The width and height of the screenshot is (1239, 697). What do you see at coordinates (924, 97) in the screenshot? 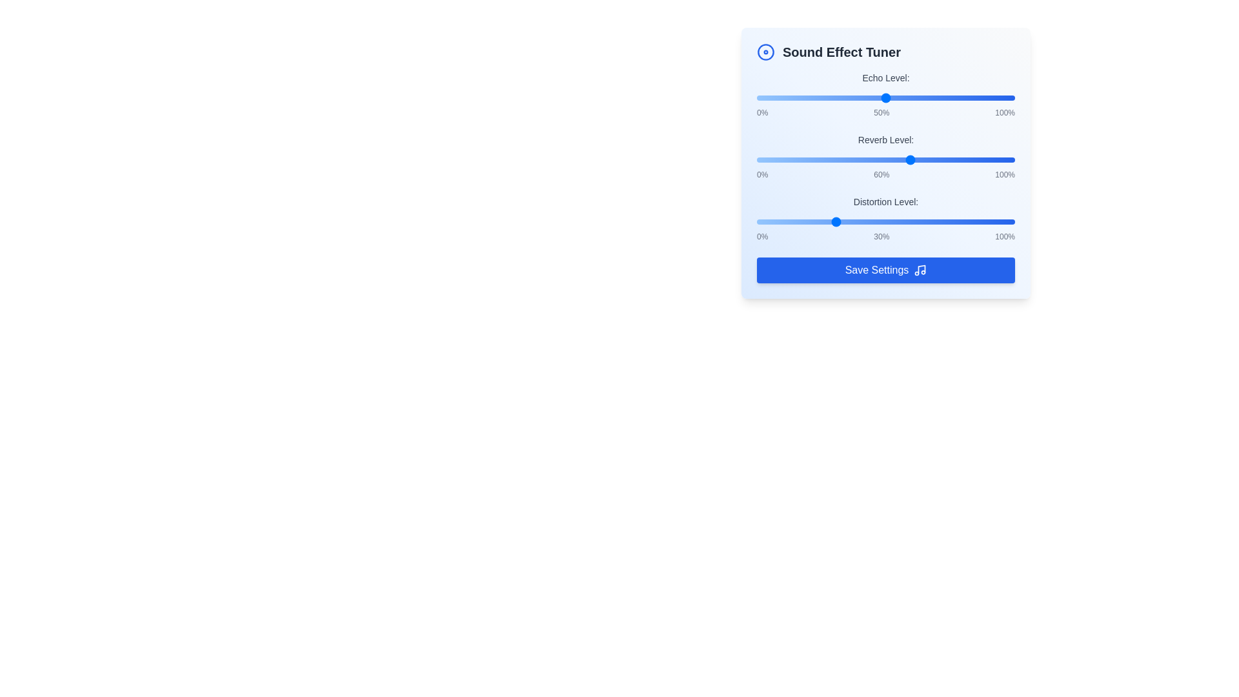
I see `the 'Echo Level' slider to 65%` at bounding box center [924, 97].